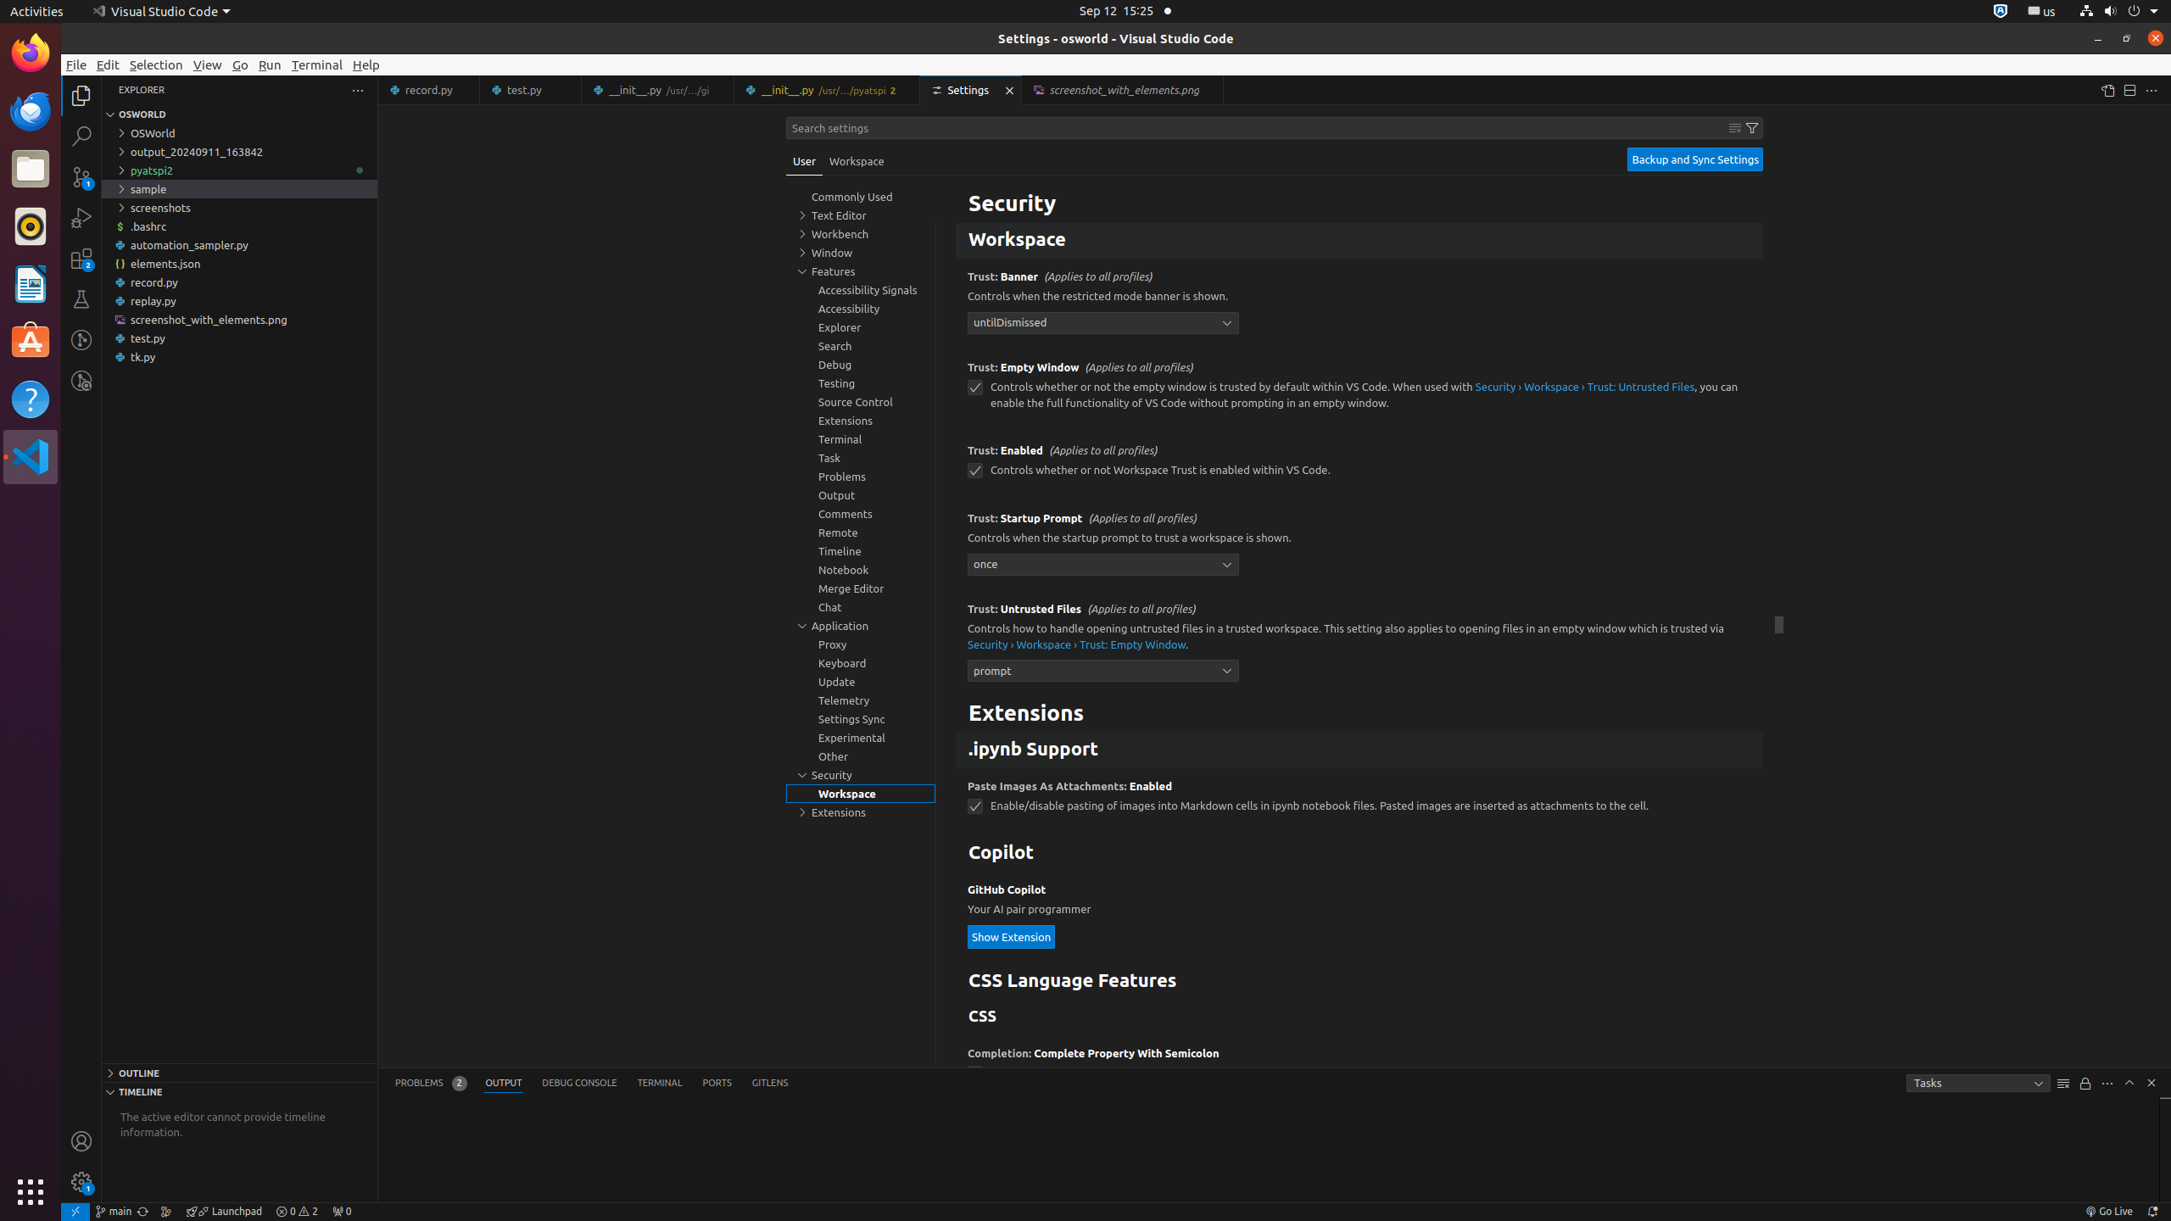 The image size is (2171, 1221). I want to click on 'Keyboard, group', so click(861, 662).